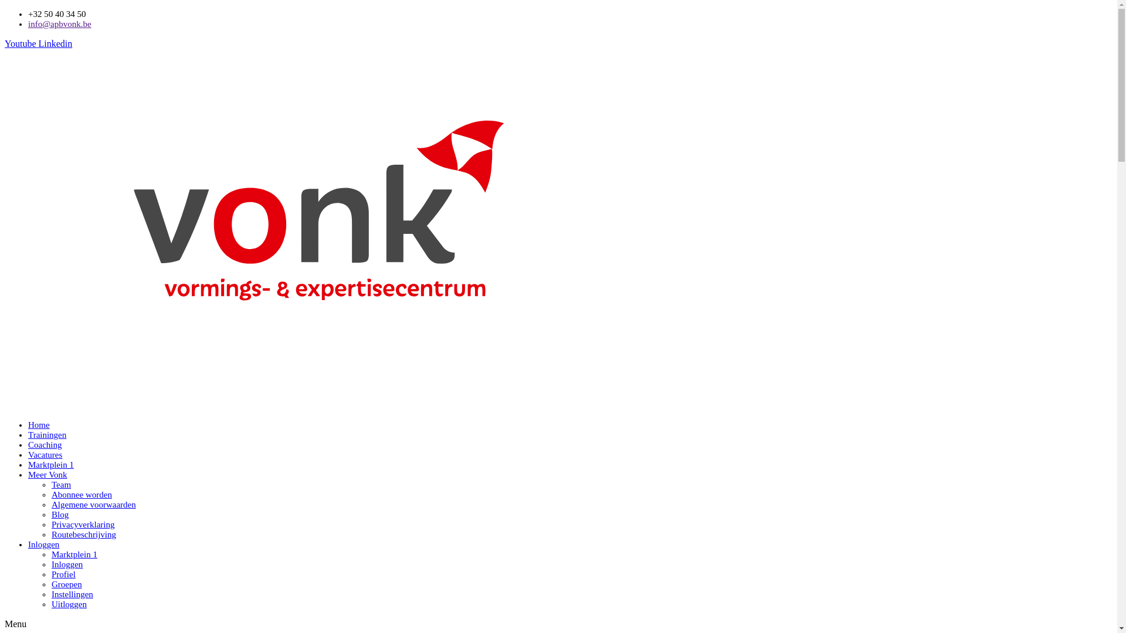  I want to click on 'Routebeschrijving', so click(83, 534).